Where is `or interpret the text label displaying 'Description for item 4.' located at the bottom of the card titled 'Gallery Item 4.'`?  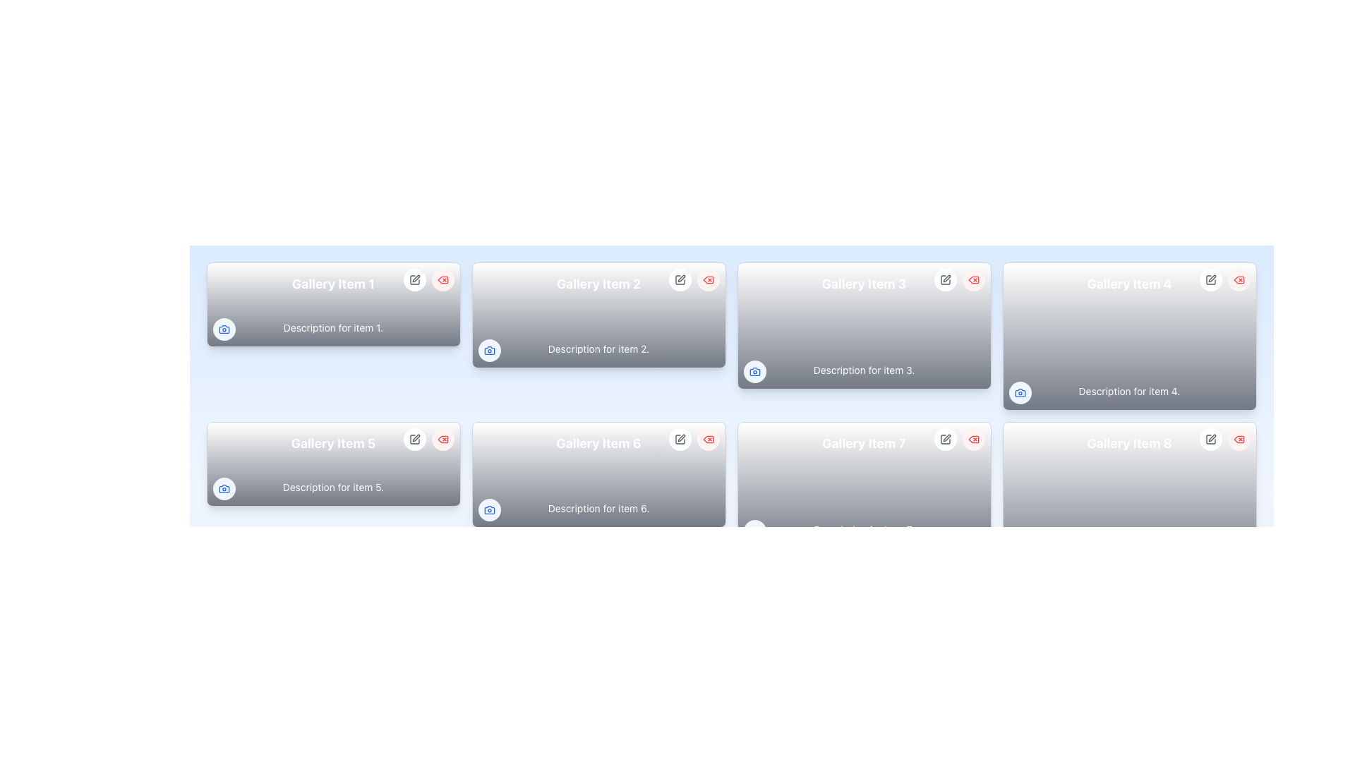 or interpret the text label displaying 'Description for item 4.' located at the bottom of the card titled 'Gallery Item 4.' is located at coordinates (1129, 392).